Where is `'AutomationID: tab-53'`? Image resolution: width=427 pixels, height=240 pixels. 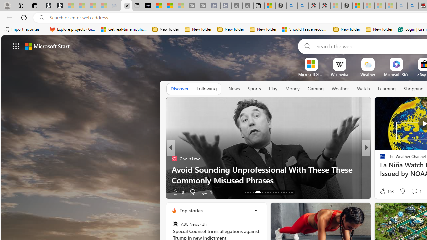 'AutomationID: tab-53' is located at coordinates (292, 192).